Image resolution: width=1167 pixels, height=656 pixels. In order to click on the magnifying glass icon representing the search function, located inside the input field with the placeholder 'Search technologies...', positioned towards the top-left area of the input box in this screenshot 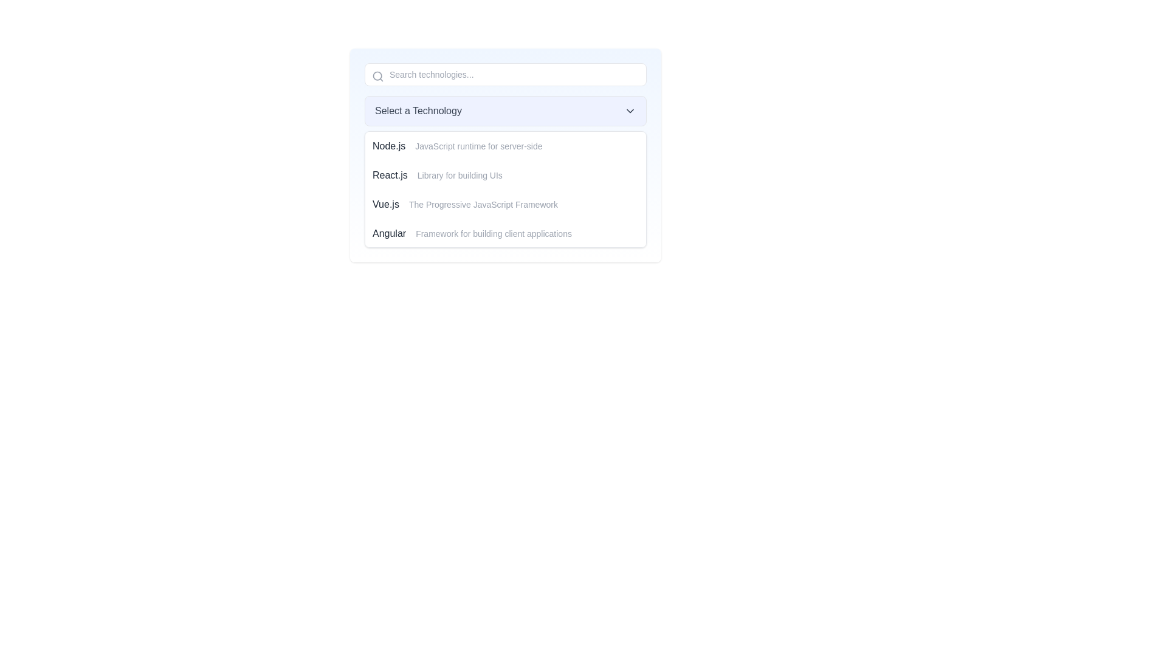, I will do `click(377, 77)`.